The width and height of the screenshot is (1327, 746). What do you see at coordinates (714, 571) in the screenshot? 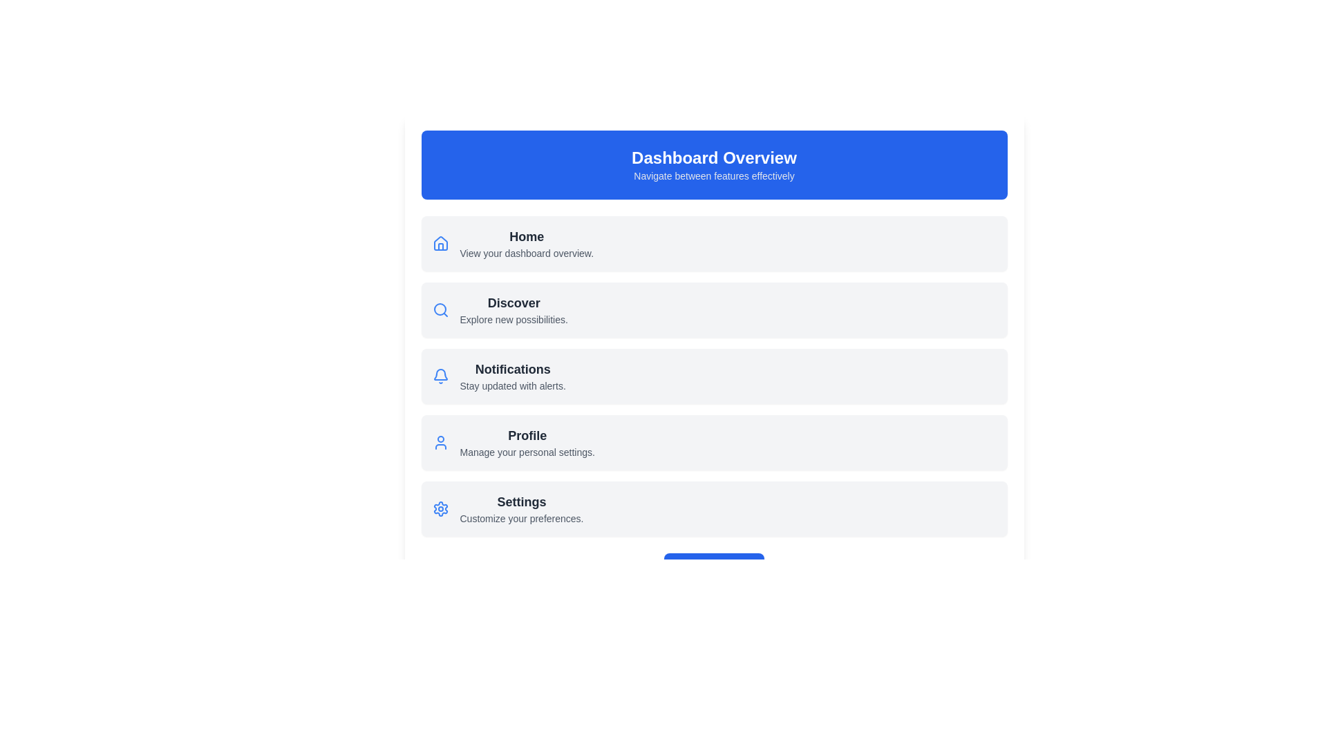
I see `the 'Learn More' button` at bounding box center [714, 571].